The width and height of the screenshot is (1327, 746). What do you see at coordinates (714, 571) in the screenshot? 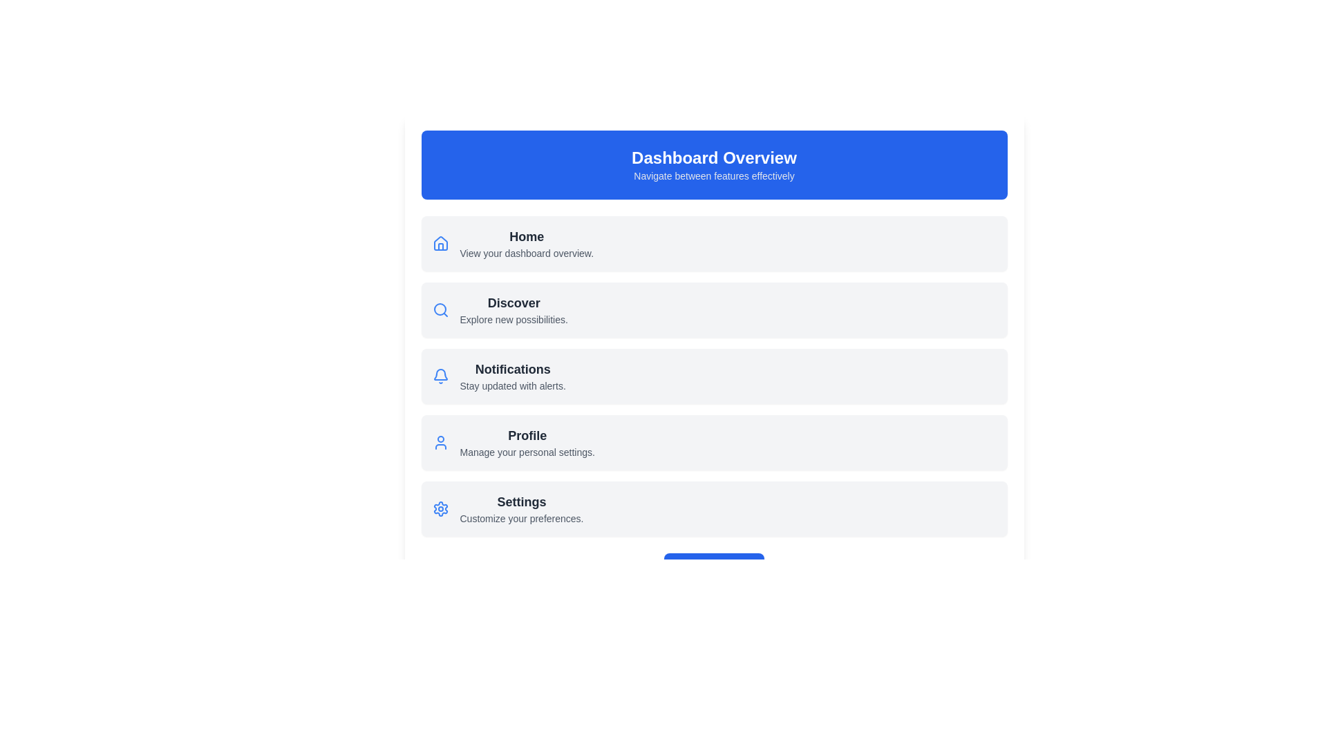
I see `the 'Learn More' button` at bounding box center [714, 571].